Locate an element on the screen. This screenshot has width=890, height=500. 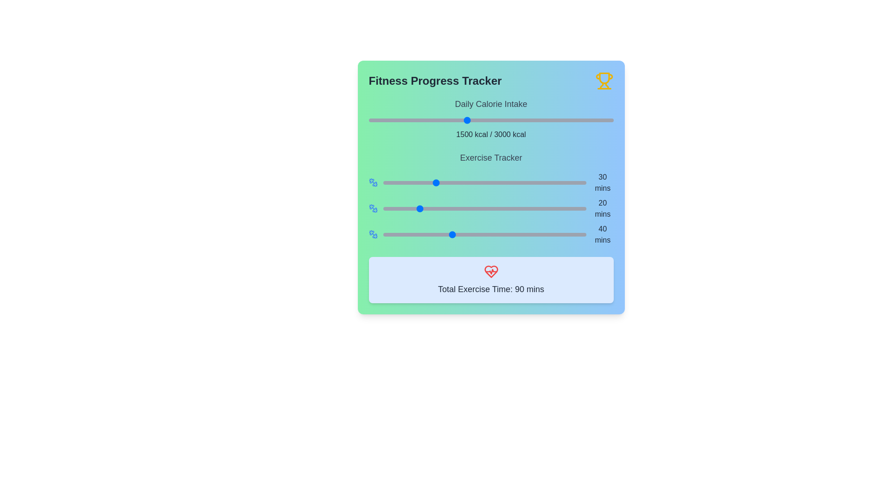
the second slider in the 'Exercise Tracker' section, which has a label displaying '20 mins', to provide visual feedback is located at coordinates (490, 209).